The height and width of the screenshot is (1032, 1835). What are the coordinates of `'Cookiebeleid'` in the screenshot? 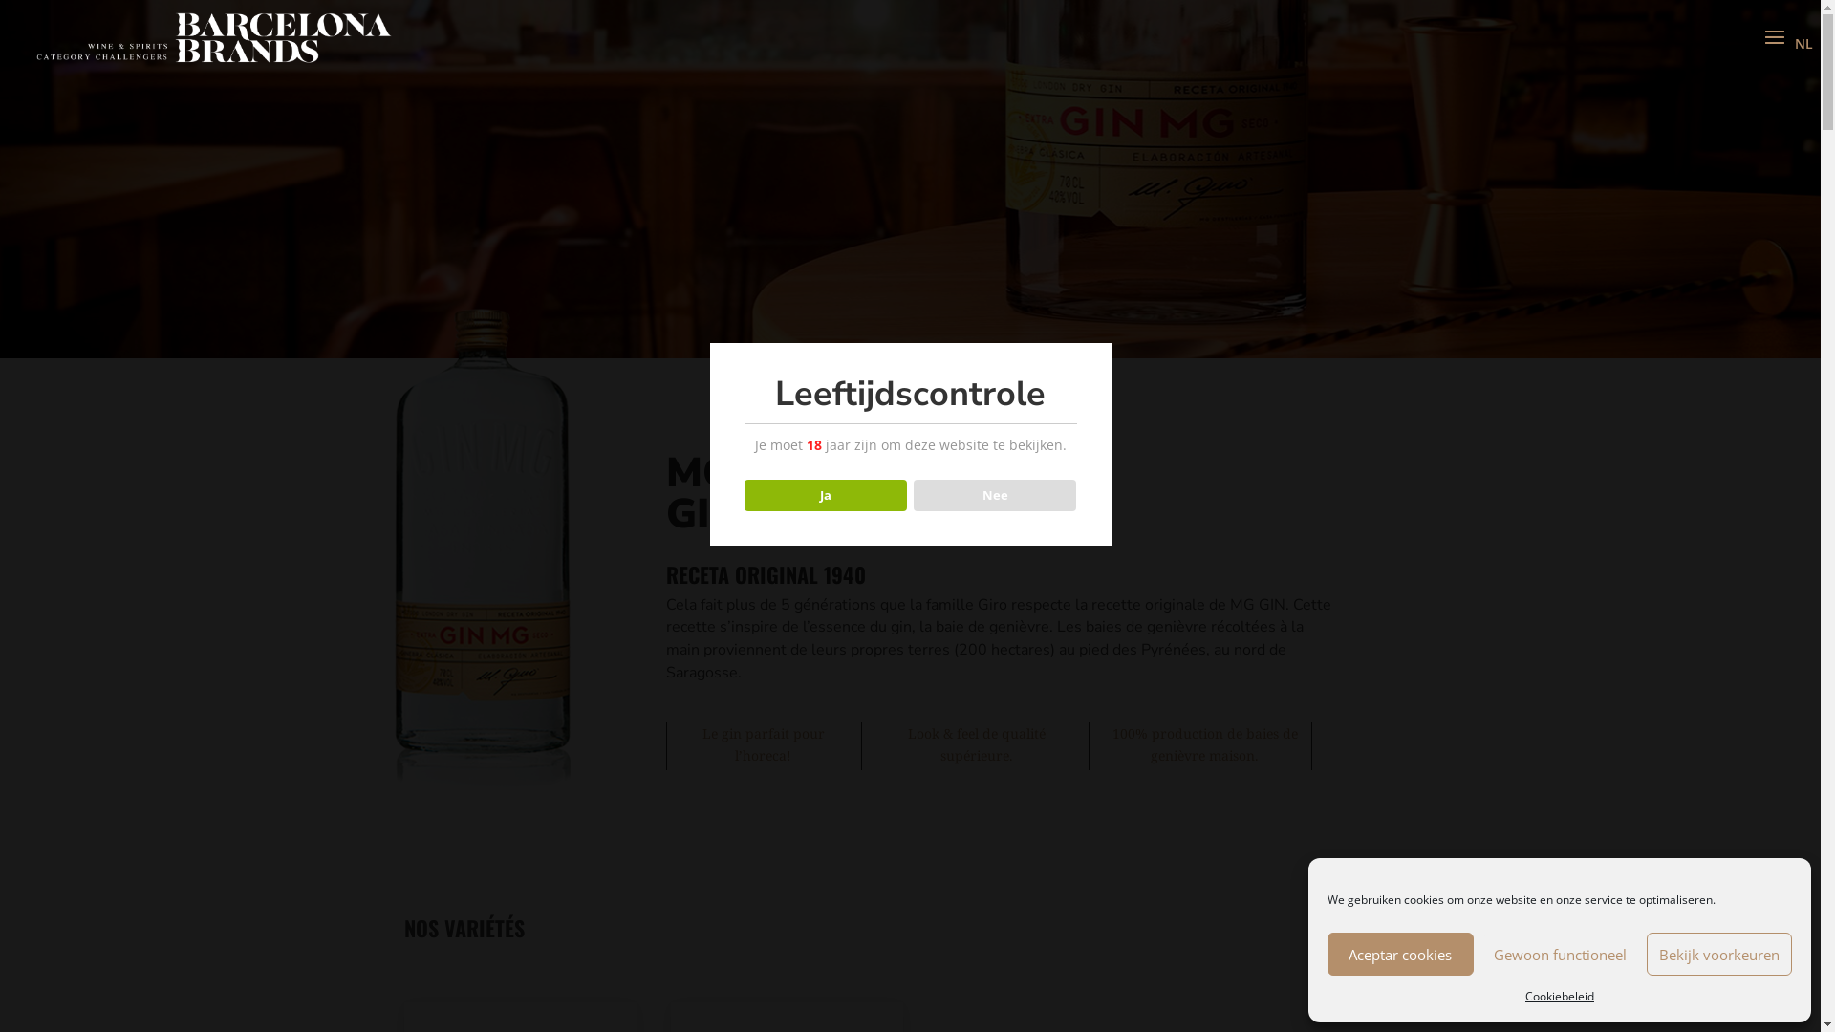 It's located at (1560, 995).